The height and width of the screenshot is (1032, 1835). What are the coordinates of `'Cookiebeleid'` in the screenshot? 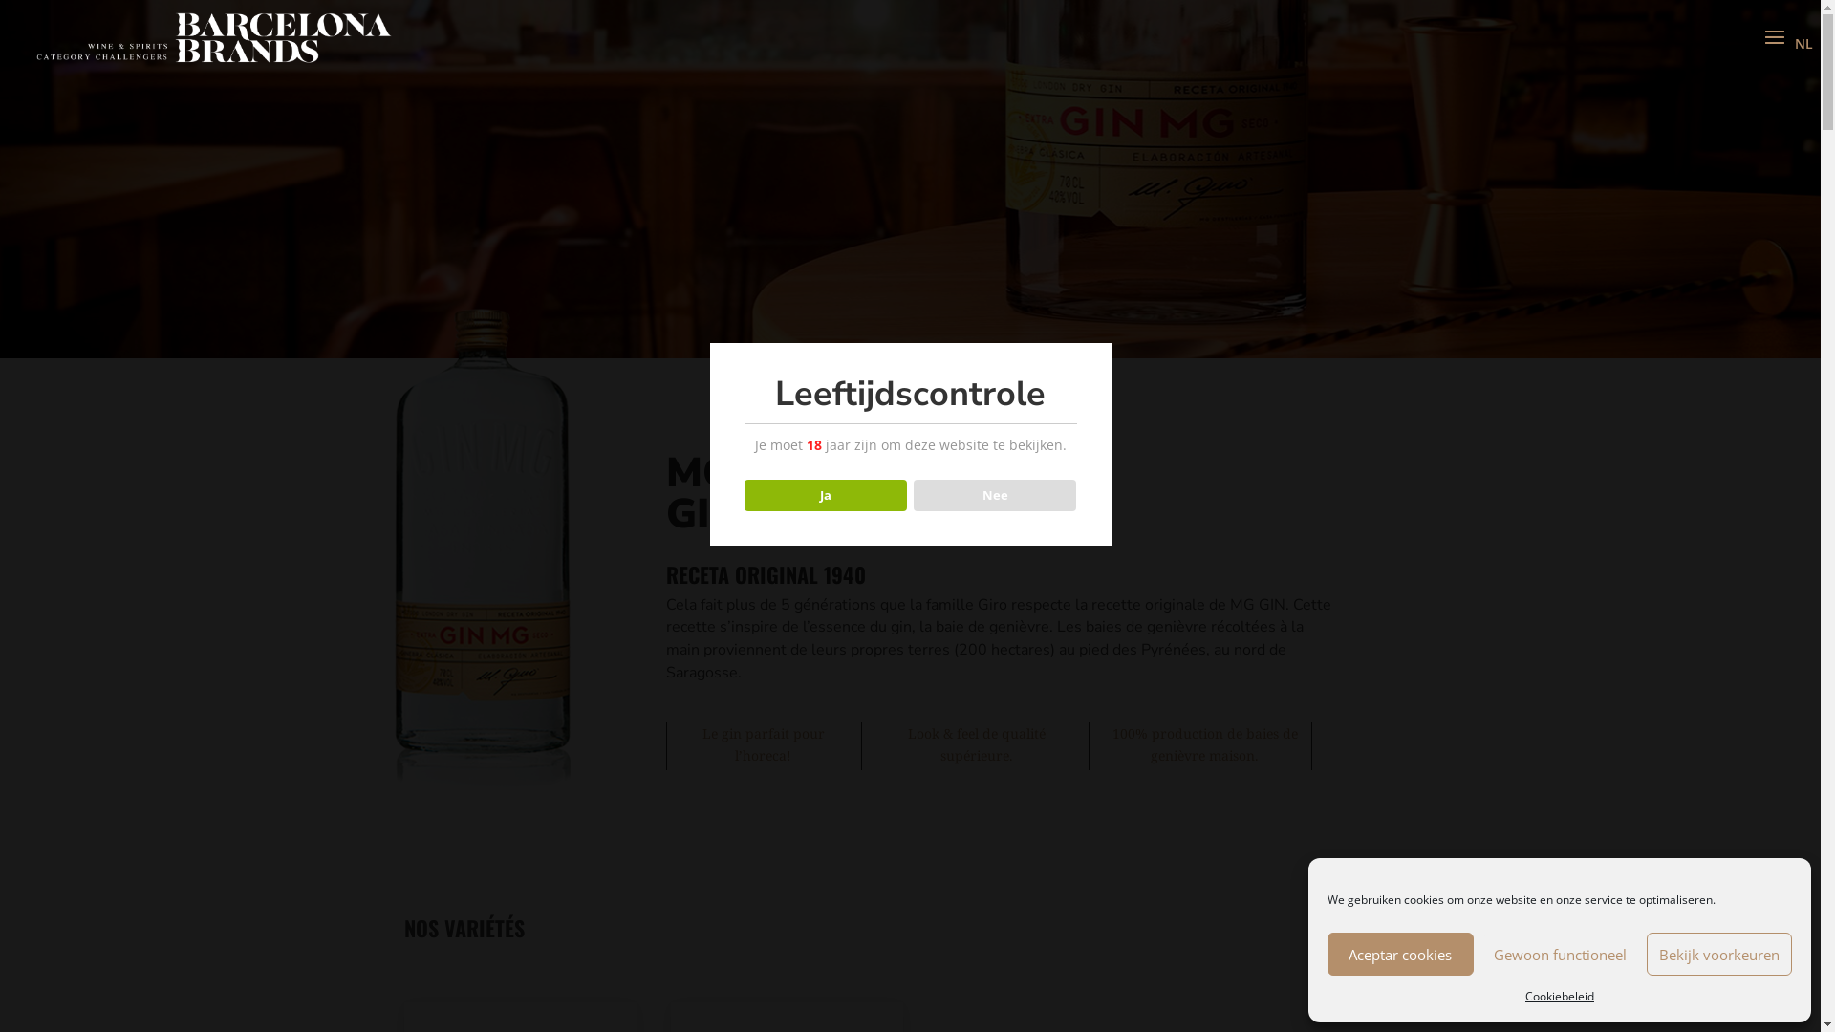 It's located at (1560, 995).